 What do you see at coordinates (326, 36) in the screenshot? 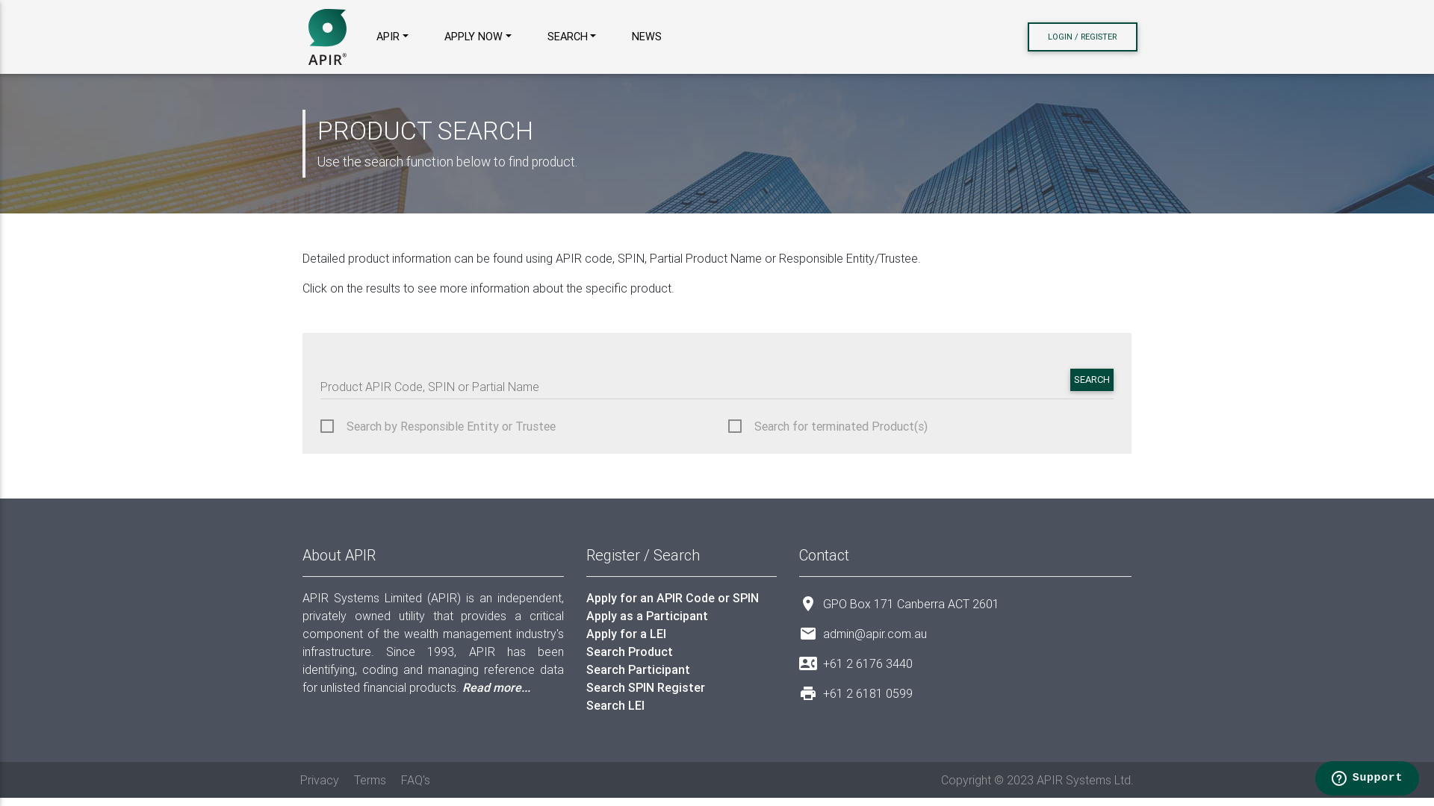
I see `'APIR'` at bounding box center [326, 36].